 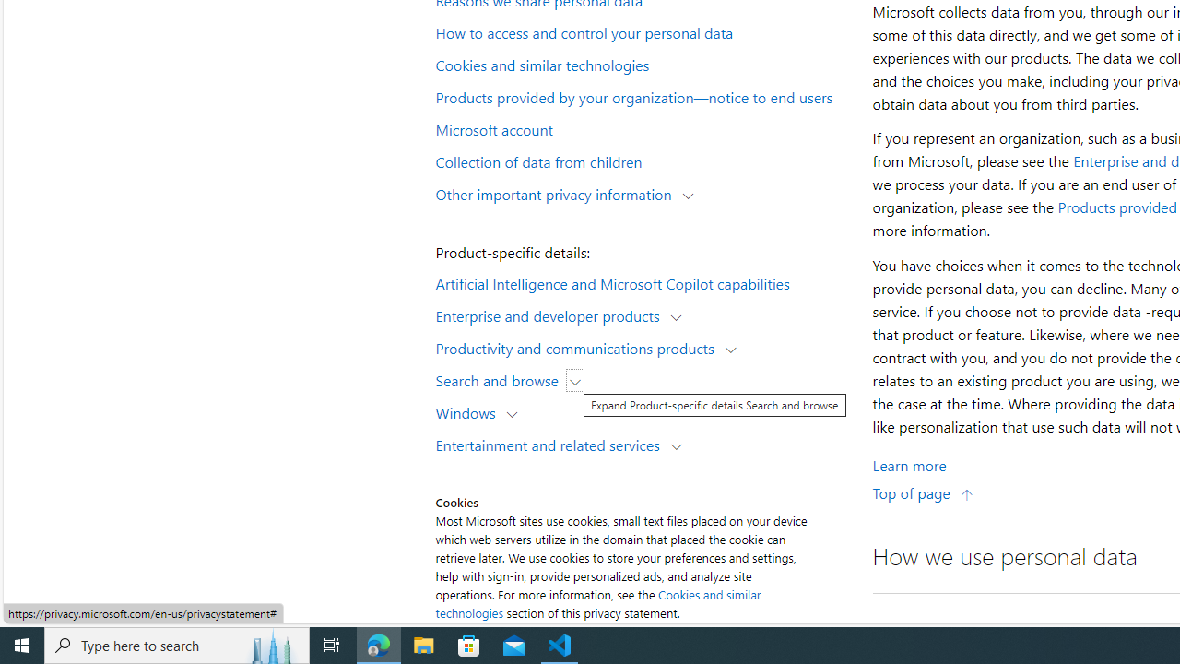 What do you see at coordinates (470, 411) in the screenshot?
I see `'Windows'` at bounding box center [470, 411].